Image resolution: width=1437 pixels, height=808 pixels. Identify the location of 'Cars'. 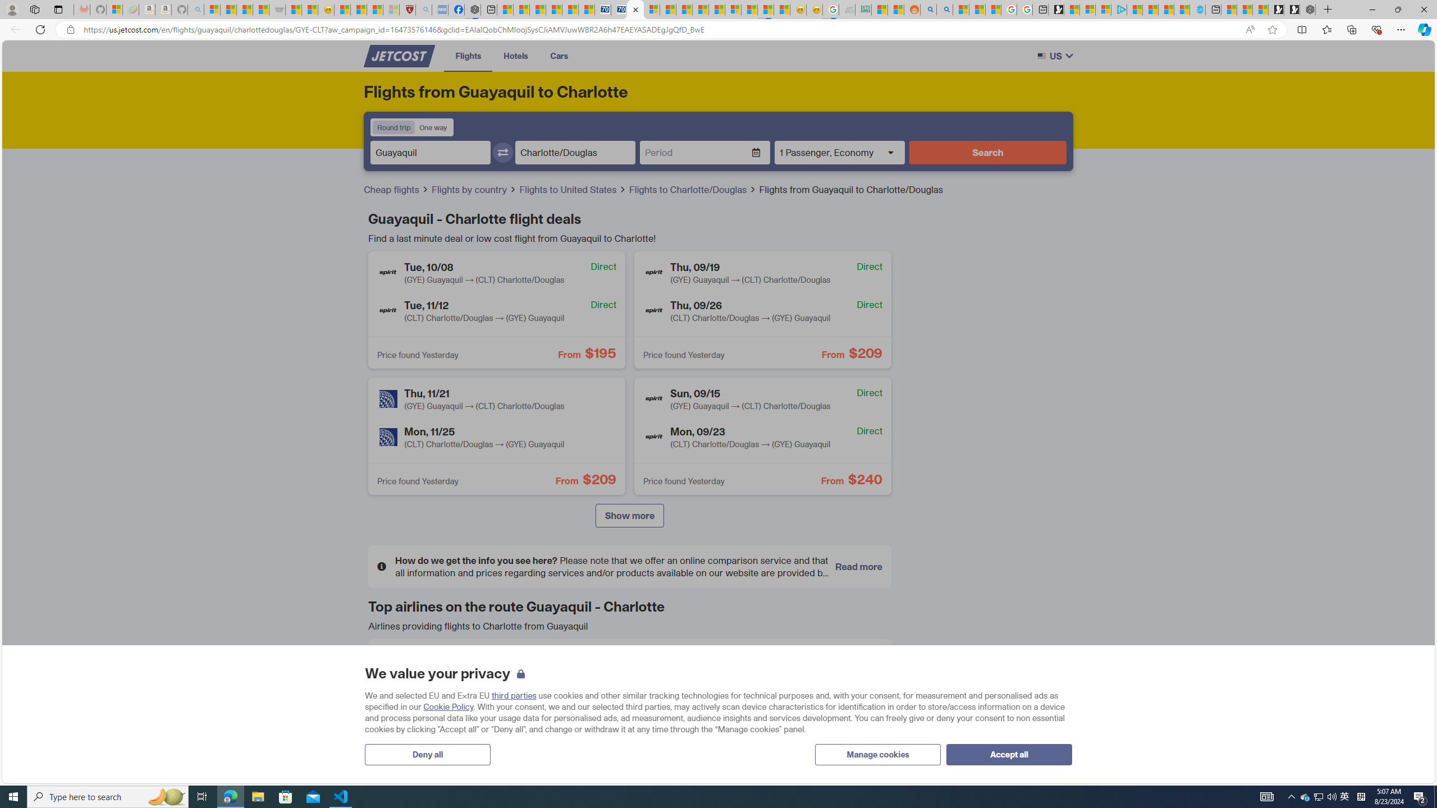
(558, 56).